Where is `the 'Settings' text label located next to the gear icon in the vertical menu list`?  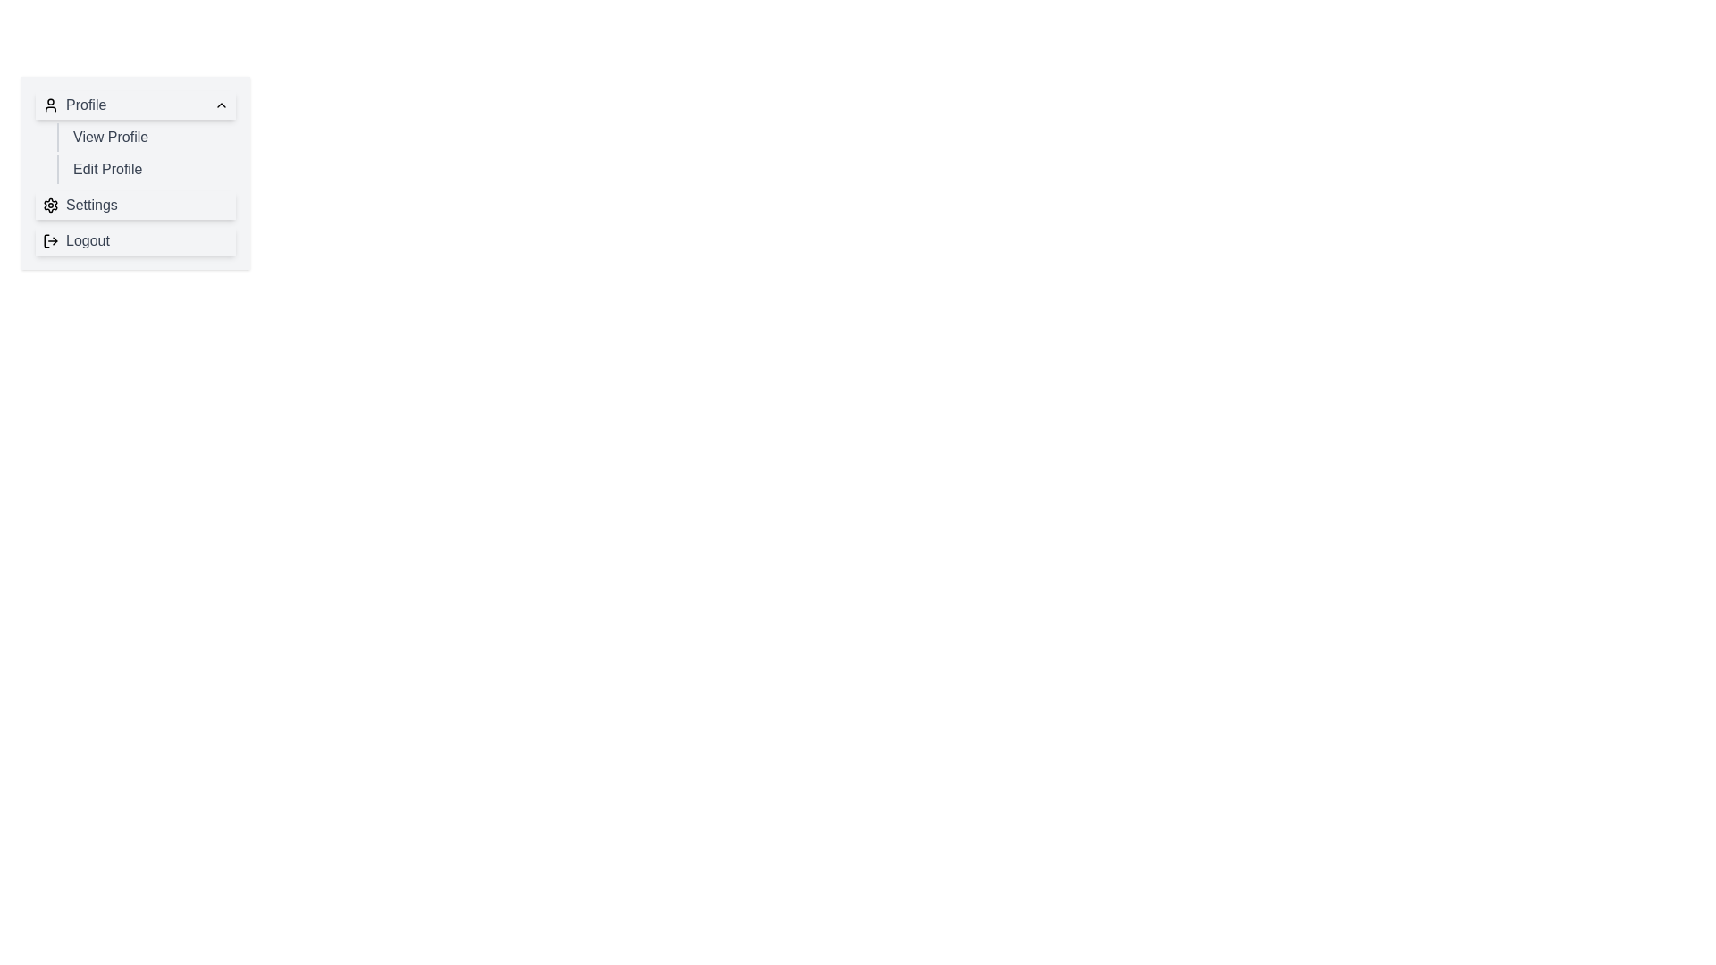
the 'Settings' text label located next to the gear icon in the vertical menu list is located at coordinates (90, 205).